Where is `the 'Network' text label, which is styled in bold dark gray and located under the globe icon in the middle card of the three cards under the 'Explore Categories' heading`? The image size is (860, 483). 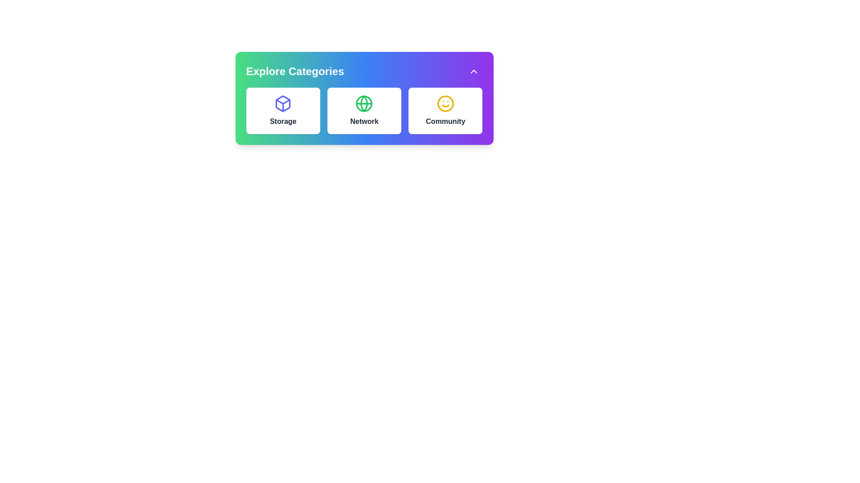 the 'Network' text label, which is styled in bold dark gray and located under the globe icon in the middle card of the three cards under the 'Explore Categories' heading is located at coordinates (364, 122).